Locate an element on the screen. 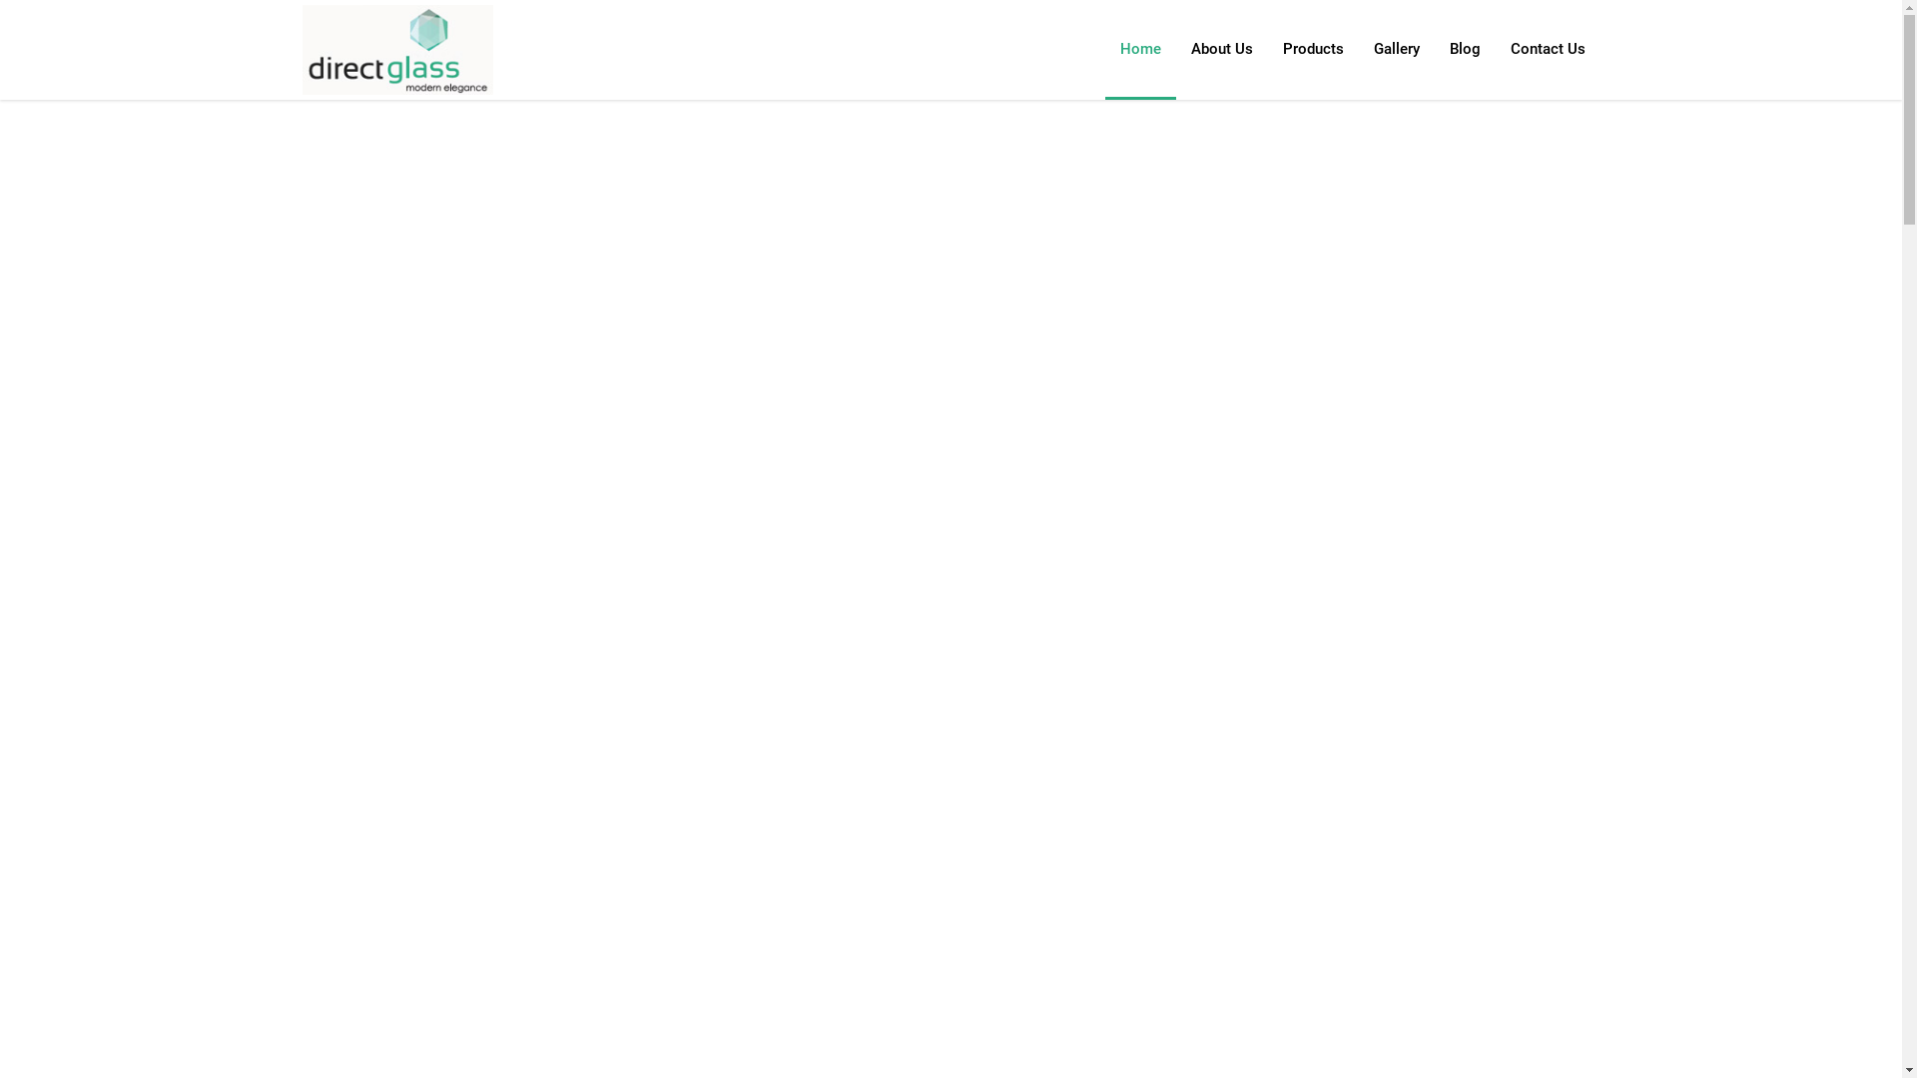 This screenshot has height=1078, width=1917. 'Products' is located at coordinates (1313, 49).